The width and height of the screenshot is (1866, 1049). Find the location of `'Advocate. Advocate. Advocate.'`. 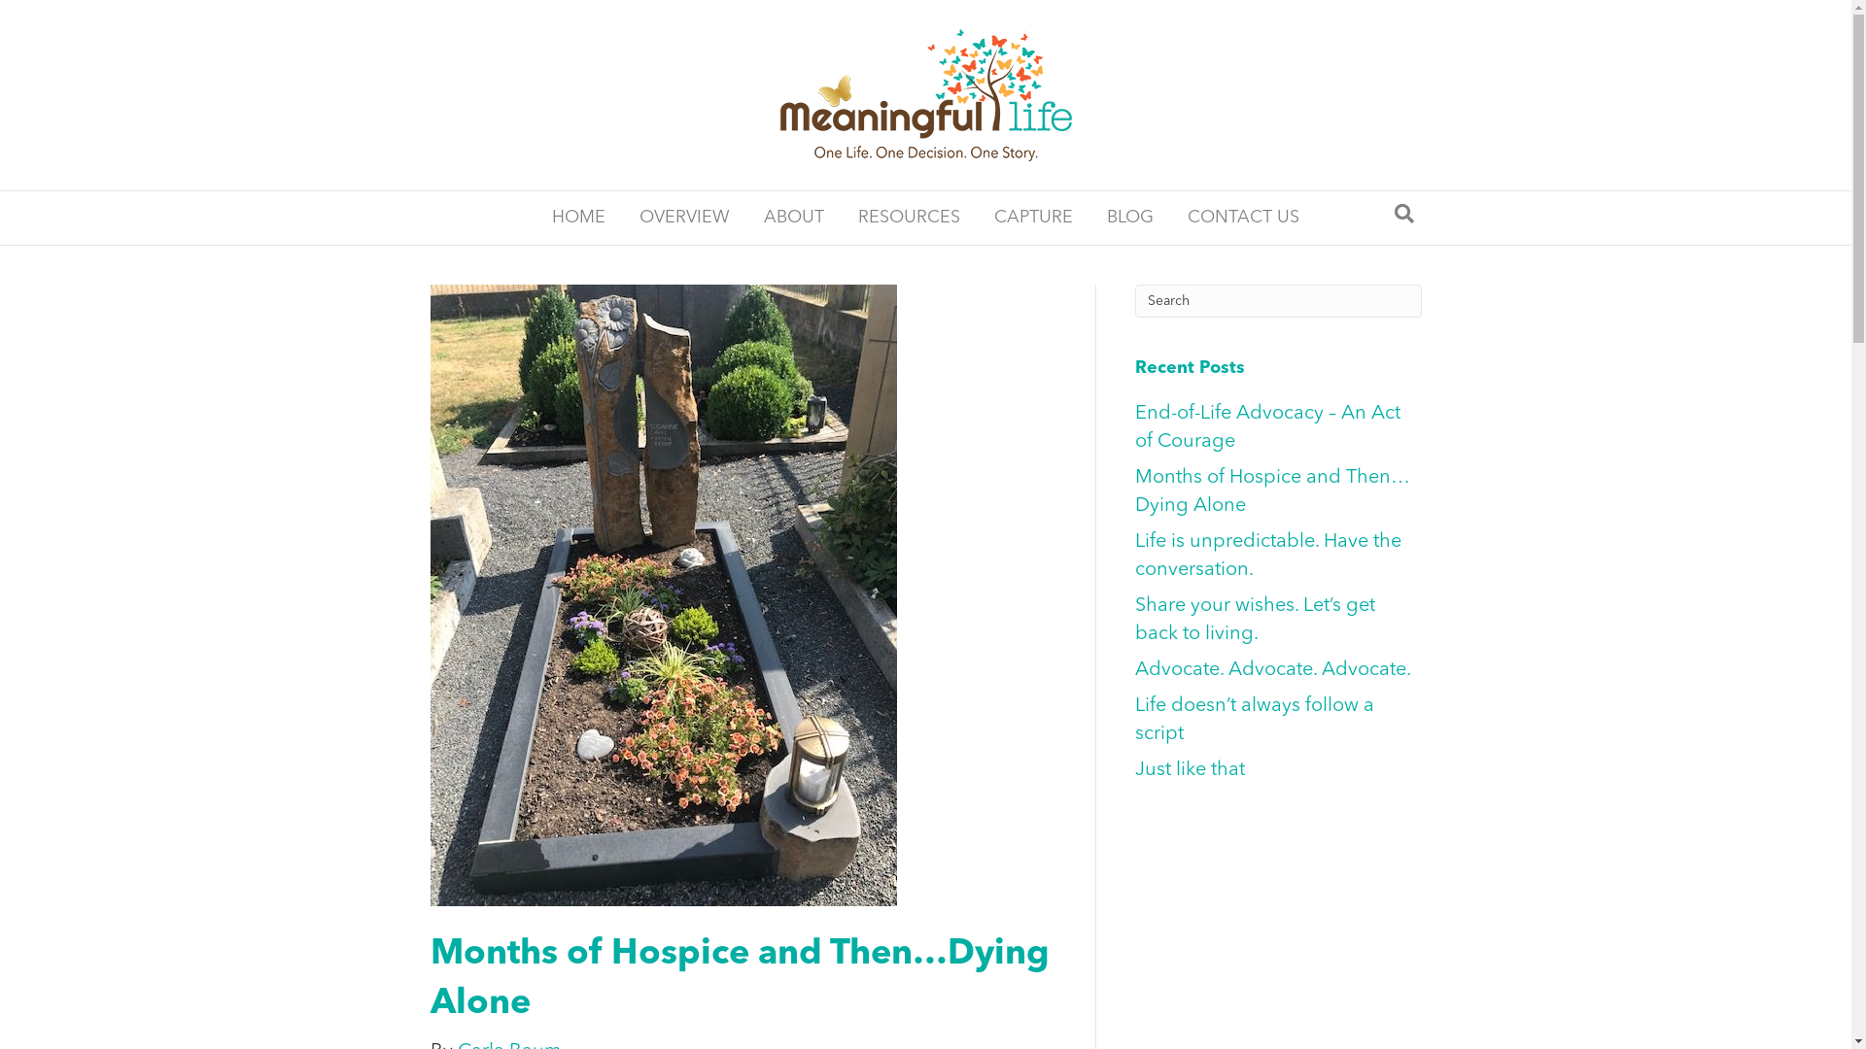

'Advocate. Advocate. Advocate.' is located at coordinates (1273, 669).